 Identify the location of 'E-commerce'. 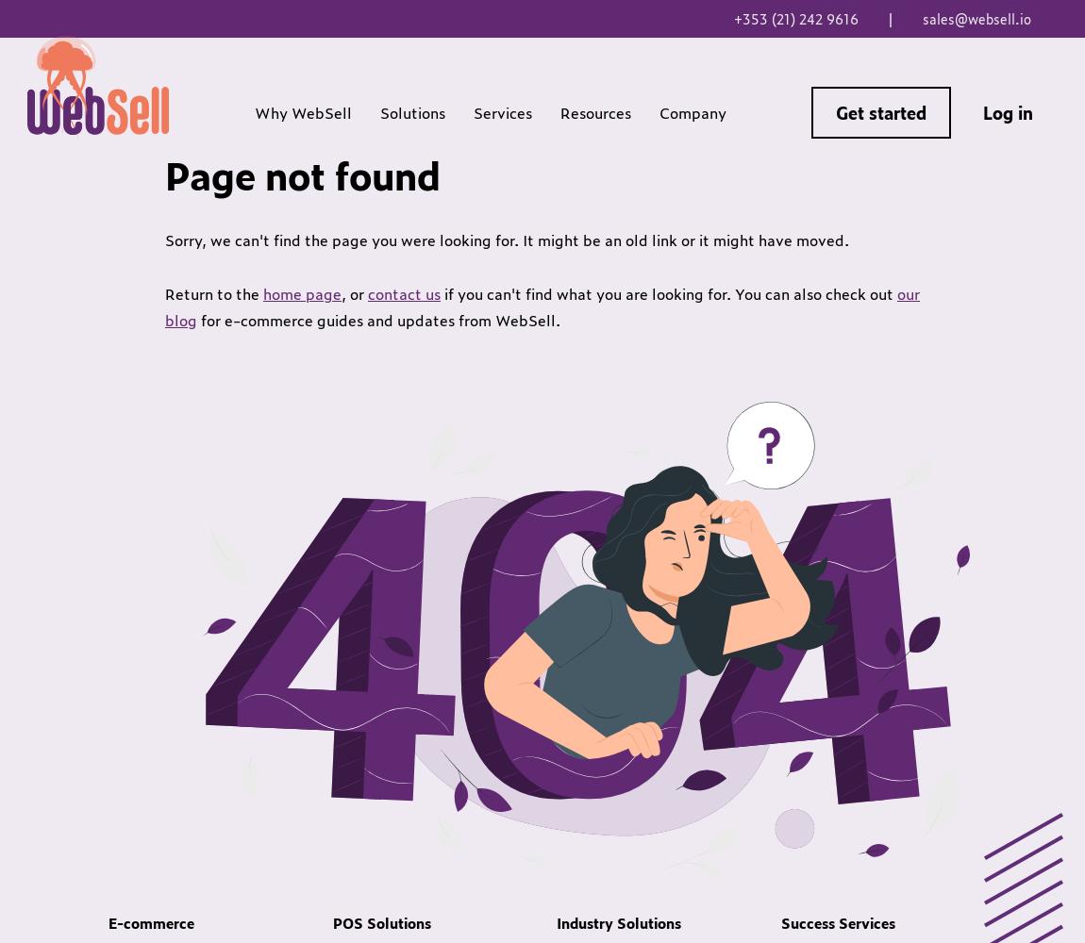
(150, 921).